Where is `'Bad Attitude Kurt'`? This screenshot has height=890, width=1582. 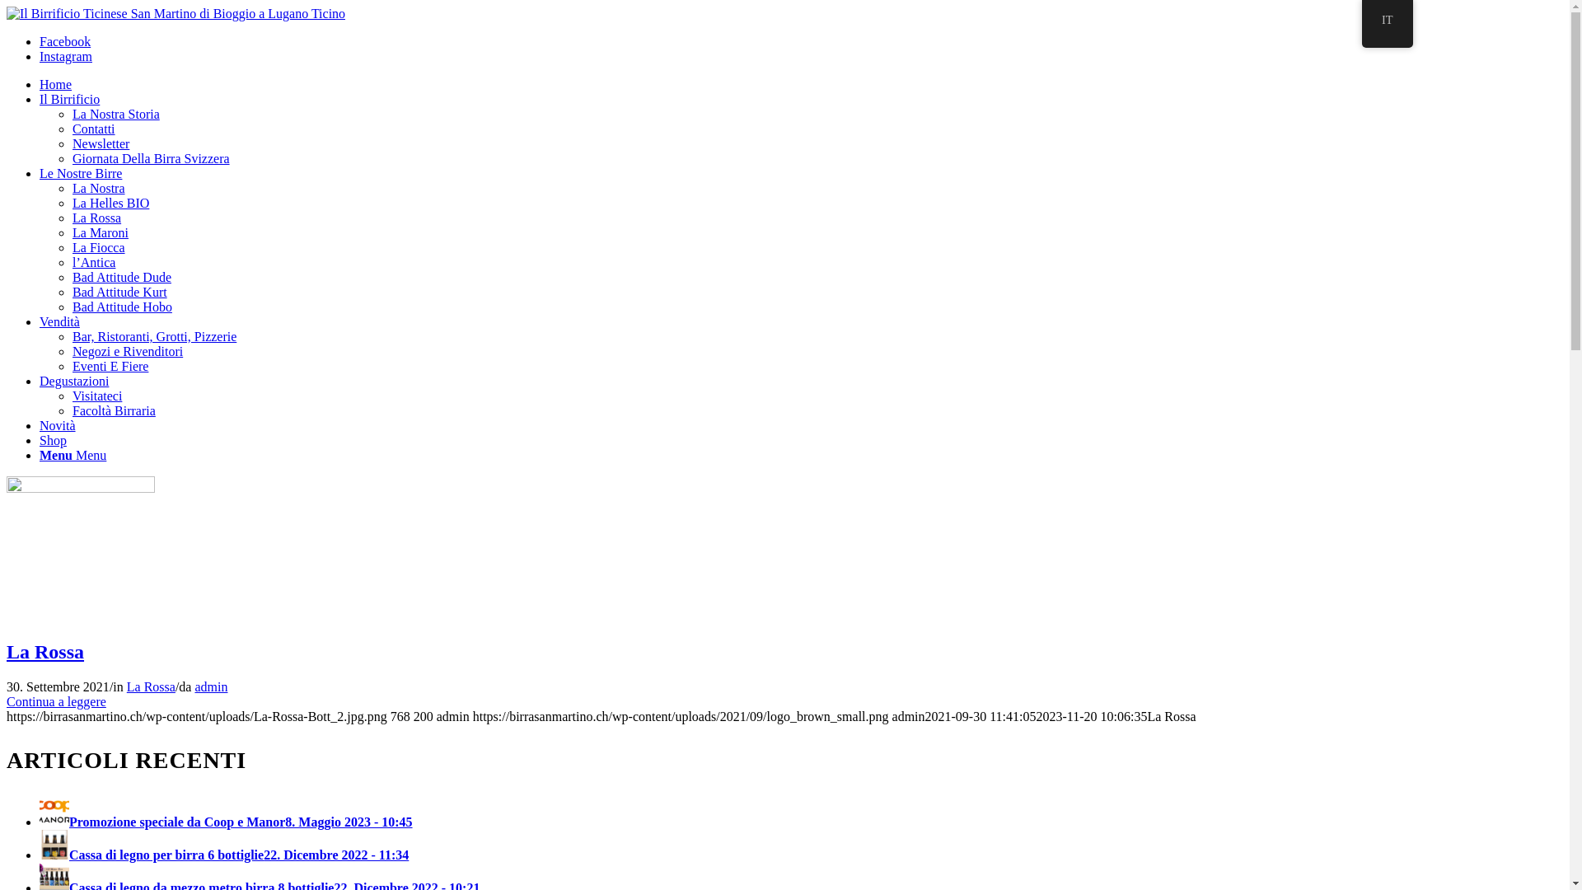 'Bad Attitude Kurt' is located at coordinates (119, 291).